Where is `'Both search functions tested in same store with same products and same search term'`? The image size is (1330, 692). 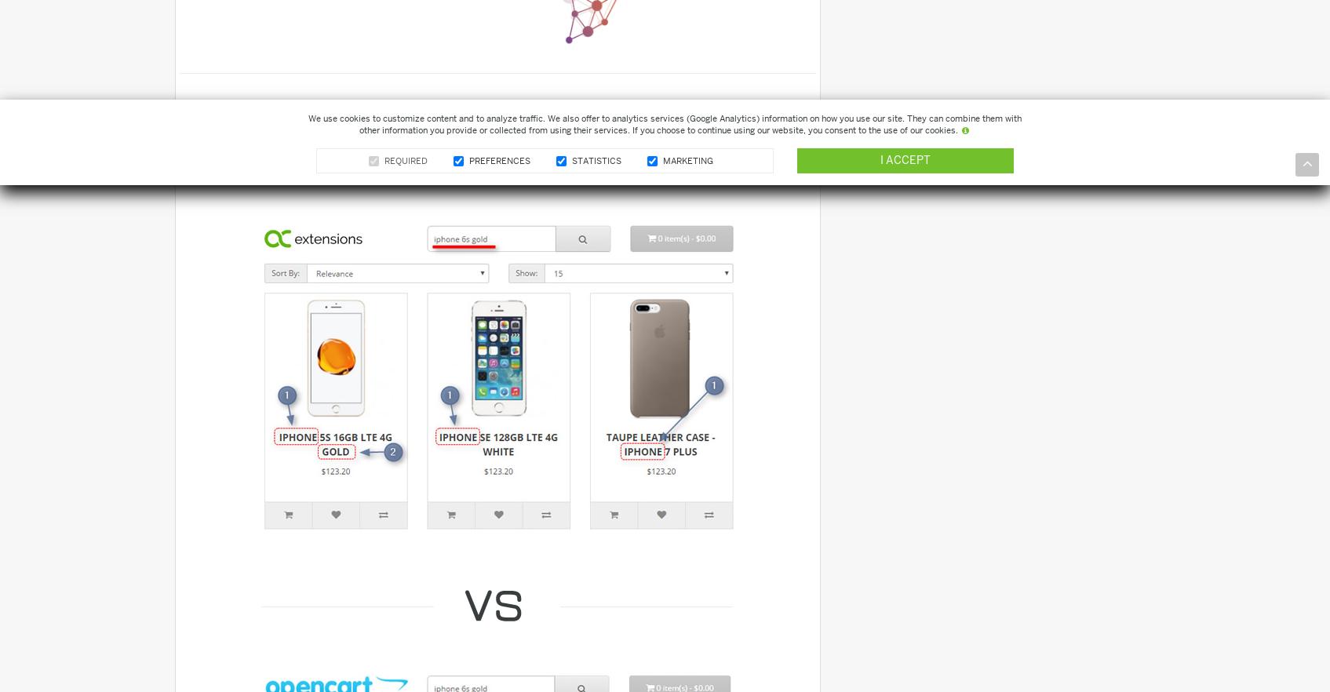
'Both search functions tested in same store with same products and same search term' is located at coordinates (454, 145).